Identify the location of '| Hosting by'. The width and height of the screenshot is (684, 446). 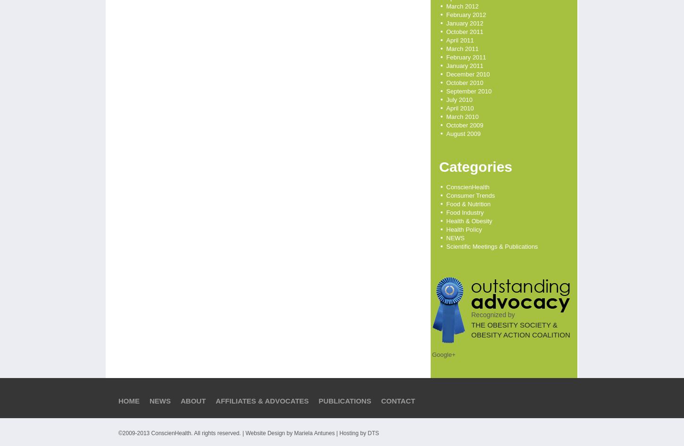
(350, 432).